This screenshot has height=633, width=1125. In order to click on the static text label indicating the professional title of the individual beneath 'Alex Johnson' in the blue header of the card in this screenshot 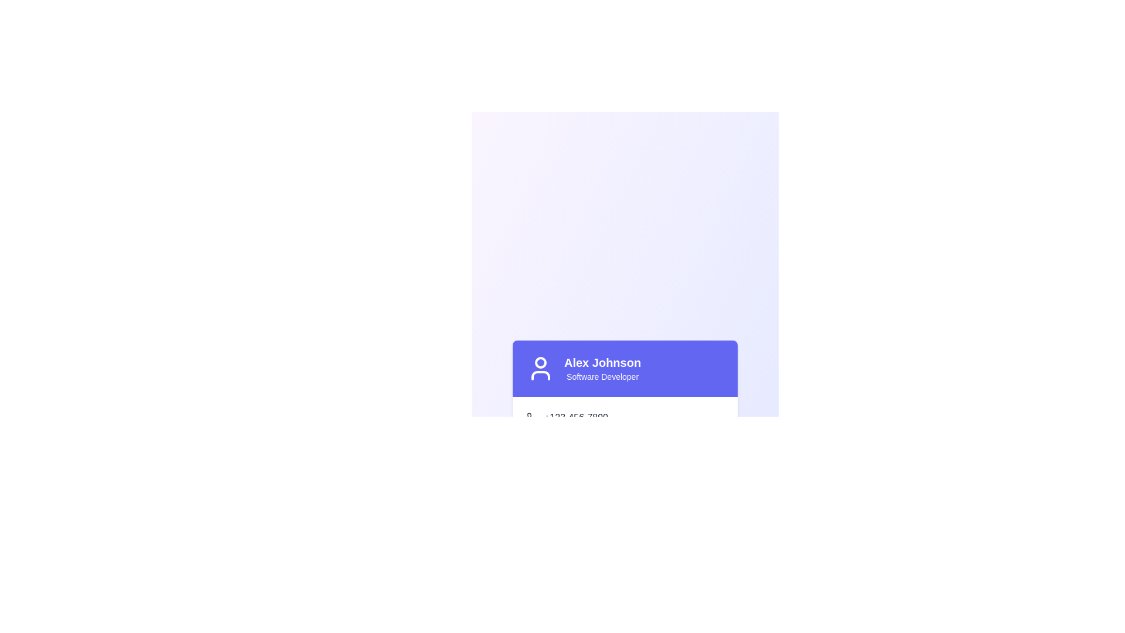, I will do `click(602, 377)`.